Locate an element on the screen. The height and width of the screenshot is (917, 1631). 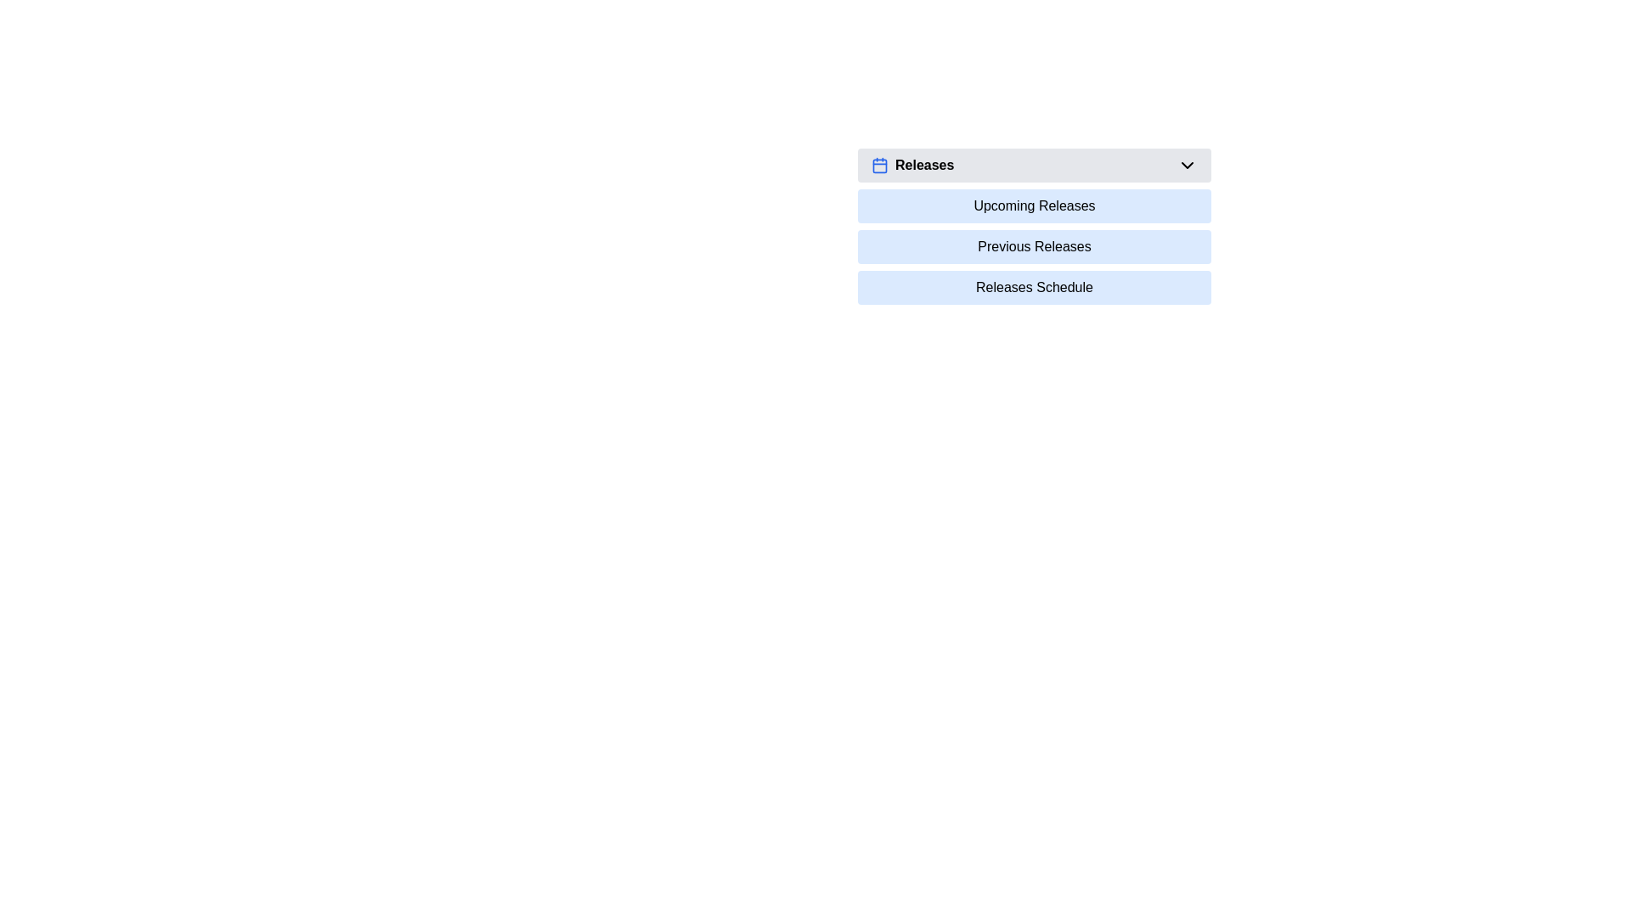
the 'Previous Releases' button, which is the second item in the dropdown menu styled as a clickable blue rectangle with bold, black text is located at coordinates (1034, 246).